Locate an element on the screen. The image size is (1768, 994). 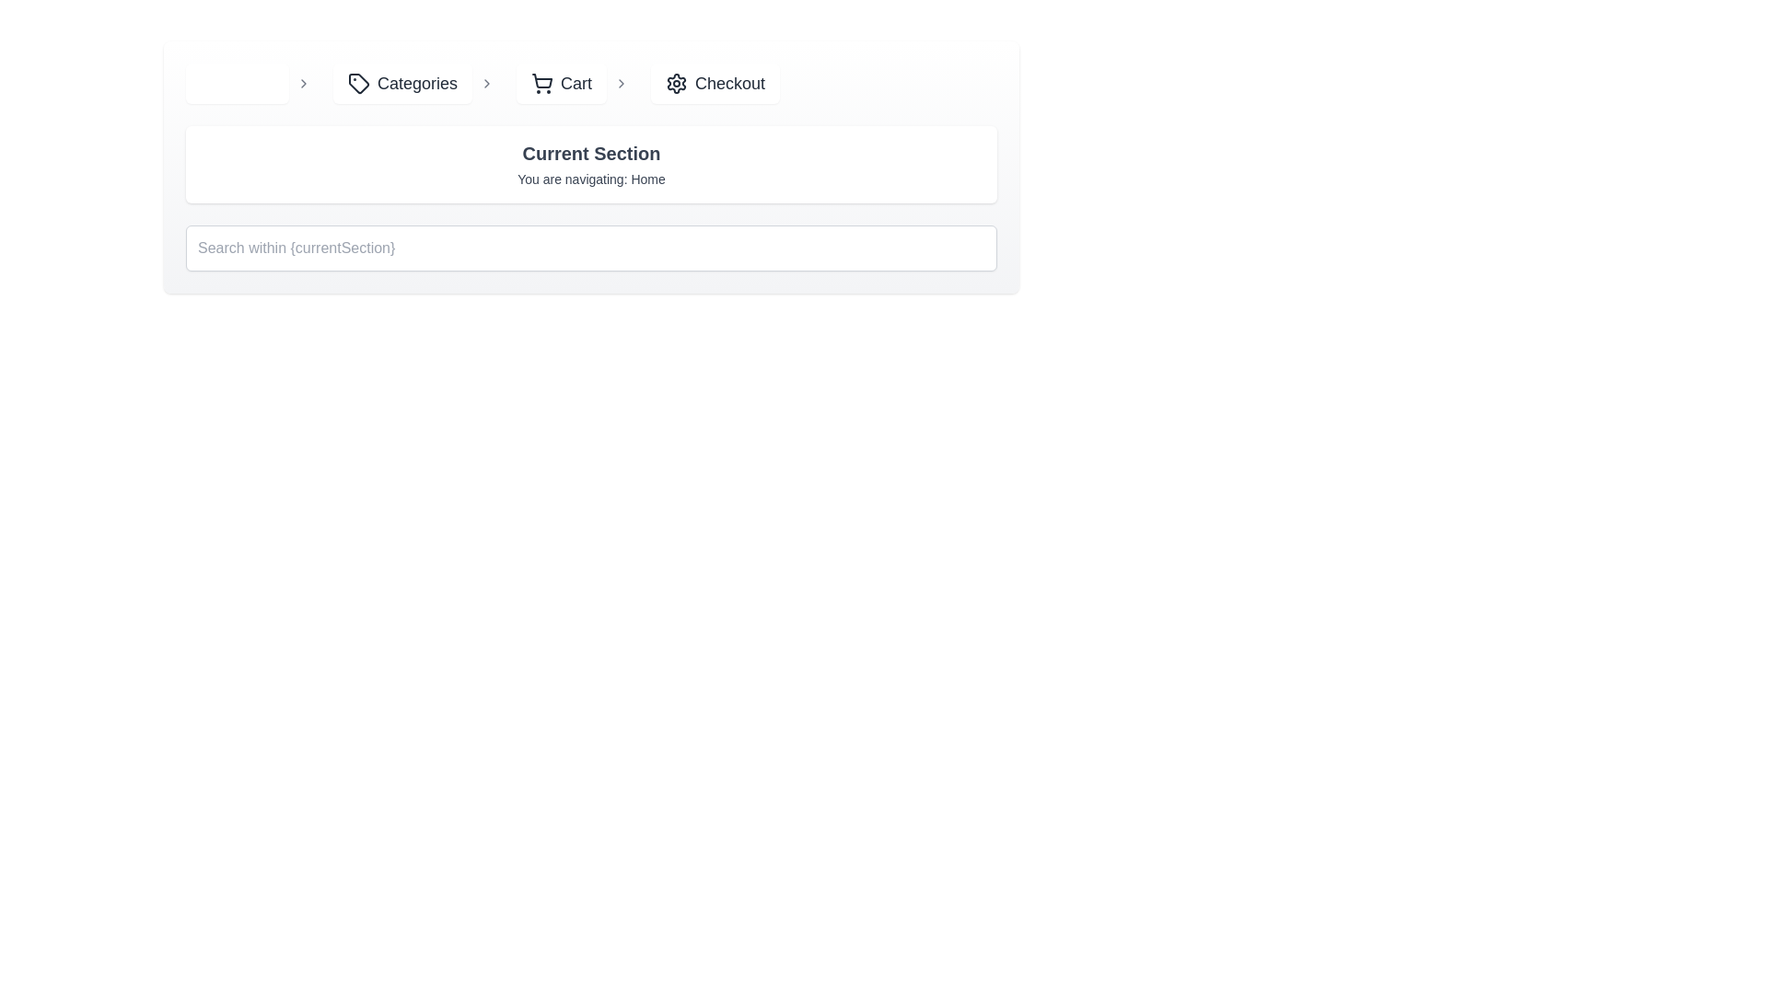
the price tag icon located in the navigation header, situated between the breadcrumb separator and the 'Categories' label is located at coordinates (358, 81).